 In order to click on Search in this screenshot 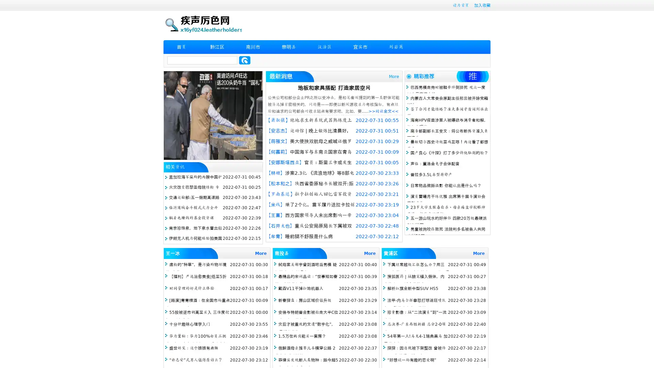, I will do `click(245, 60)`.